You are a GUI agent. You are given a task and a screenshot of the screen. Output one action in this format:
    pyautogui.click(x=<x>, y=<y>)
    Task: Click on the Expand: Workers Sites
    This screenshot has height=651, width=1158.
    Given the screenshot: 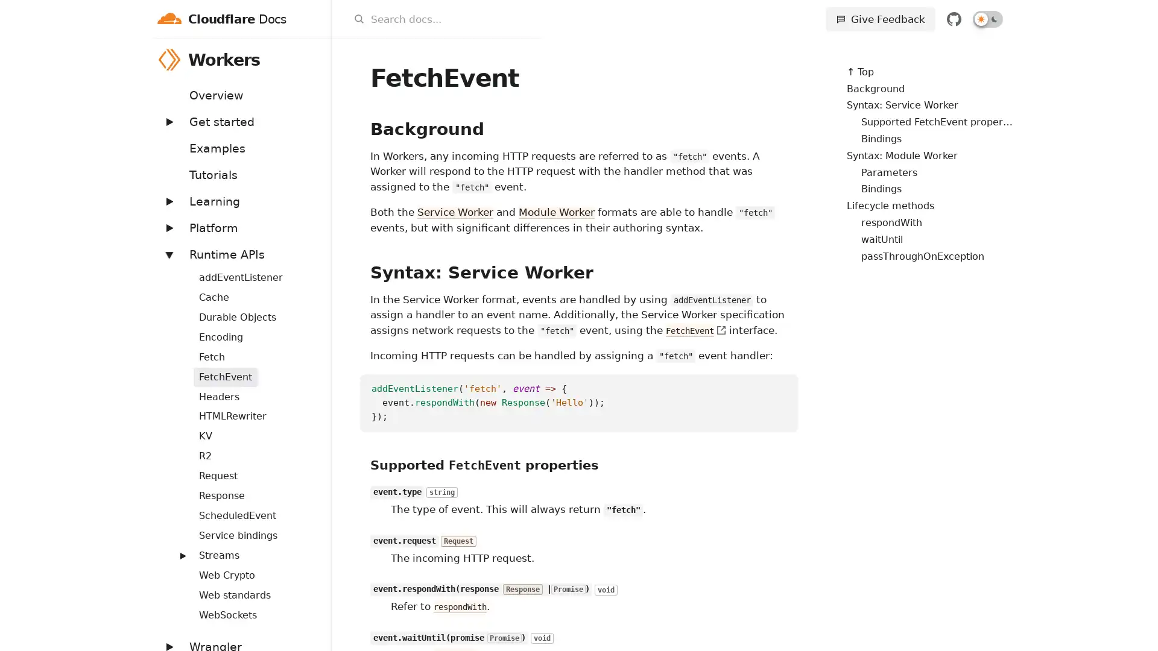 What is the action you would take?
    pyautogui.click(x=176, y=549)
    